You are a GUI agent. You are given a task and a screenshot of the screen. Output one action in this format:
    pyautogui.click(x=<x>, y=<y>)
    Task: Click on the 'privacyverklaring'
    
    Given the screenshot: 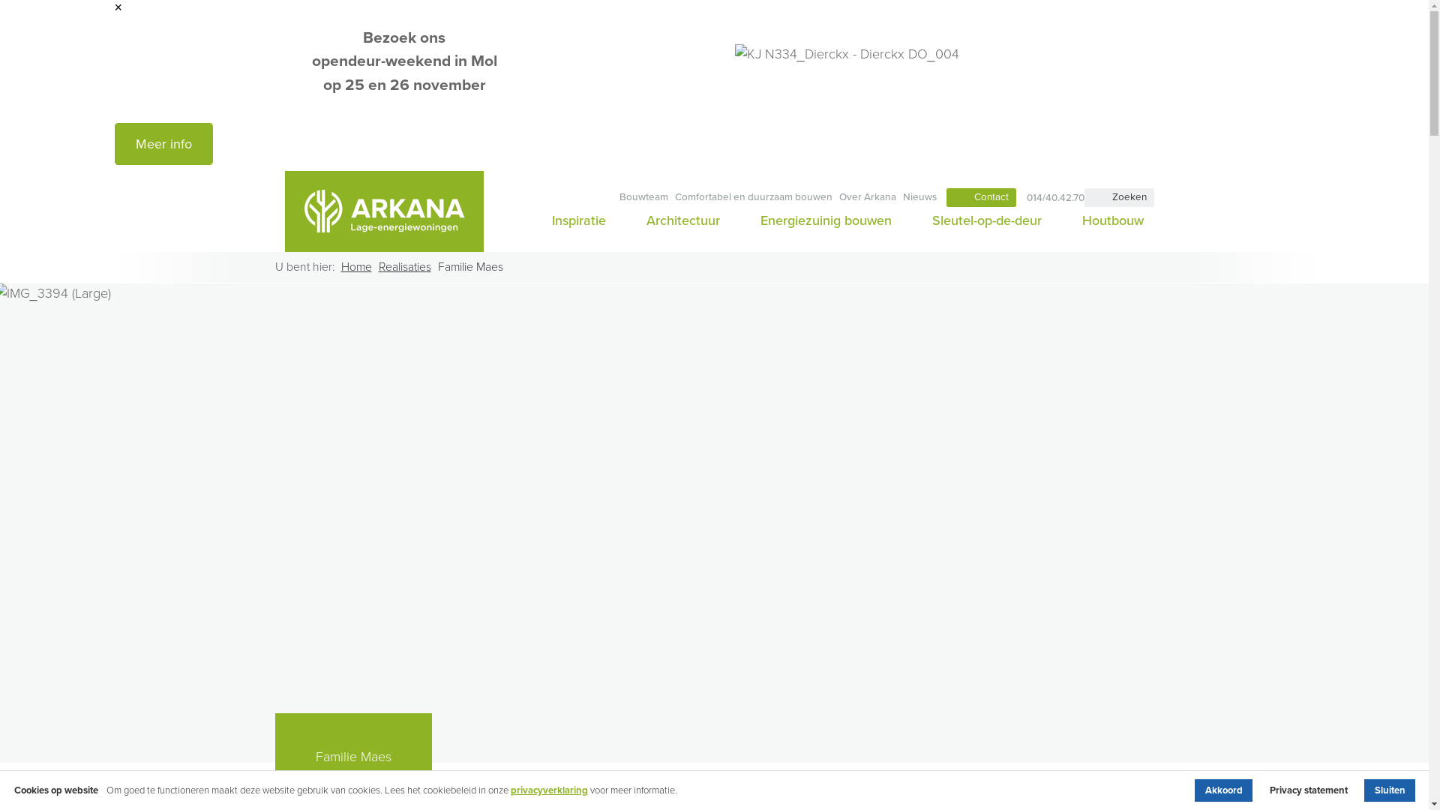 What is the action you would take?
    pyautogui.click(x=548, y=789)
    